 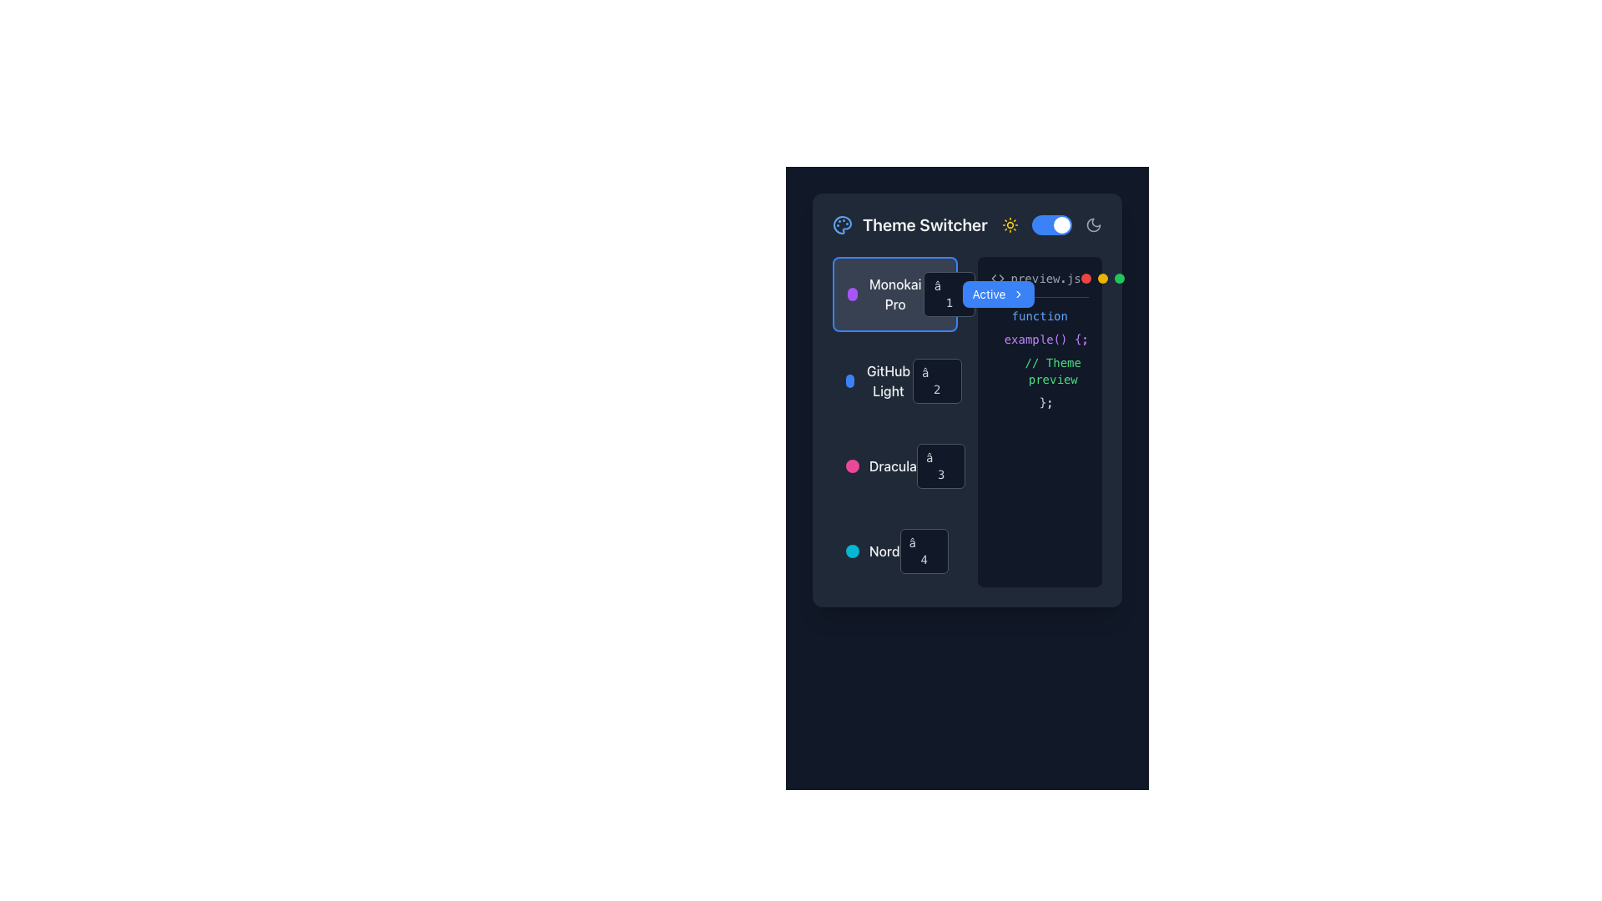 I want to click on the 'GitHub Light' text label element, so click(x=888, y=380).